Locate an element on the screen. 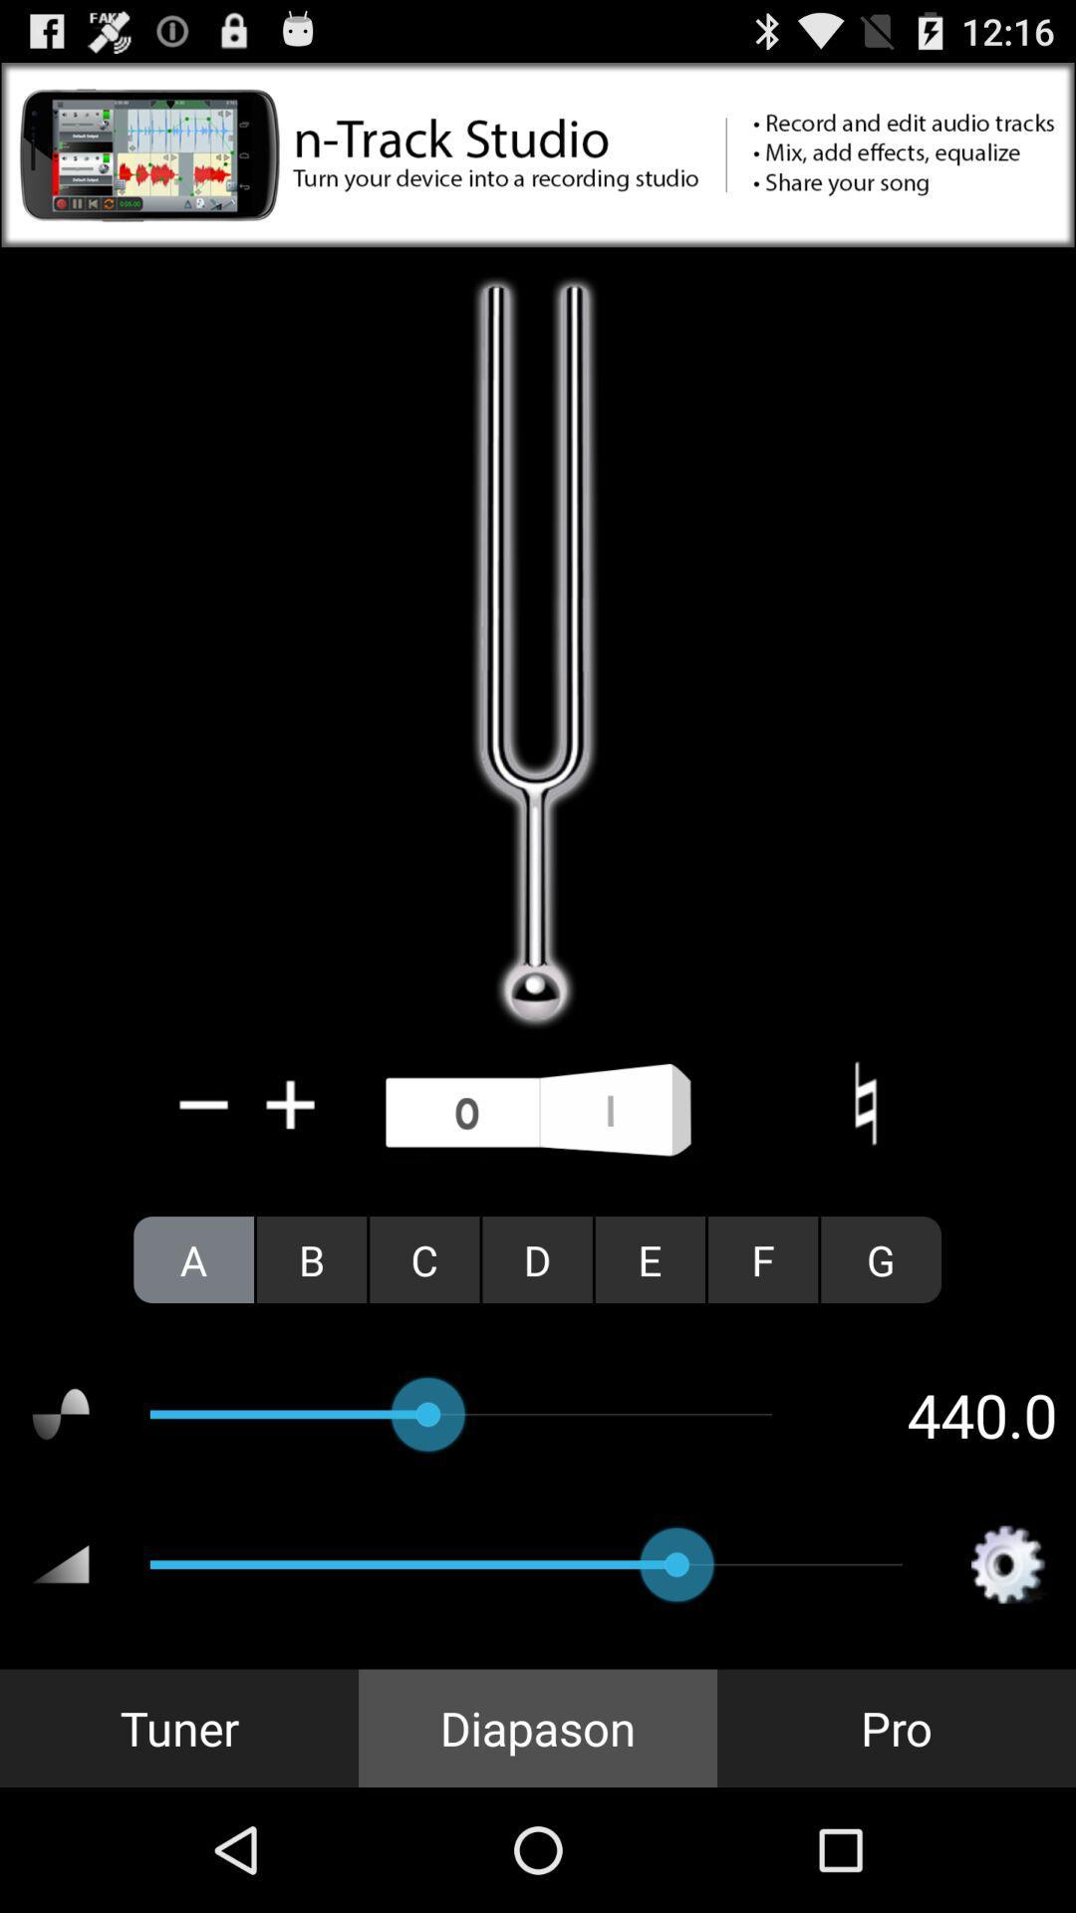 This screenshot has height=1913, width=1076. the minus icon is located at coordinates (204, 1181).